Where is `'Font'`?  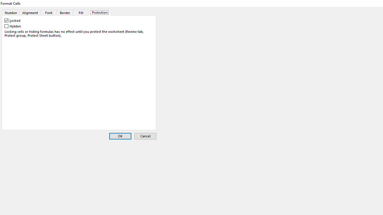 'Font' is located at coordinates (48, 12).